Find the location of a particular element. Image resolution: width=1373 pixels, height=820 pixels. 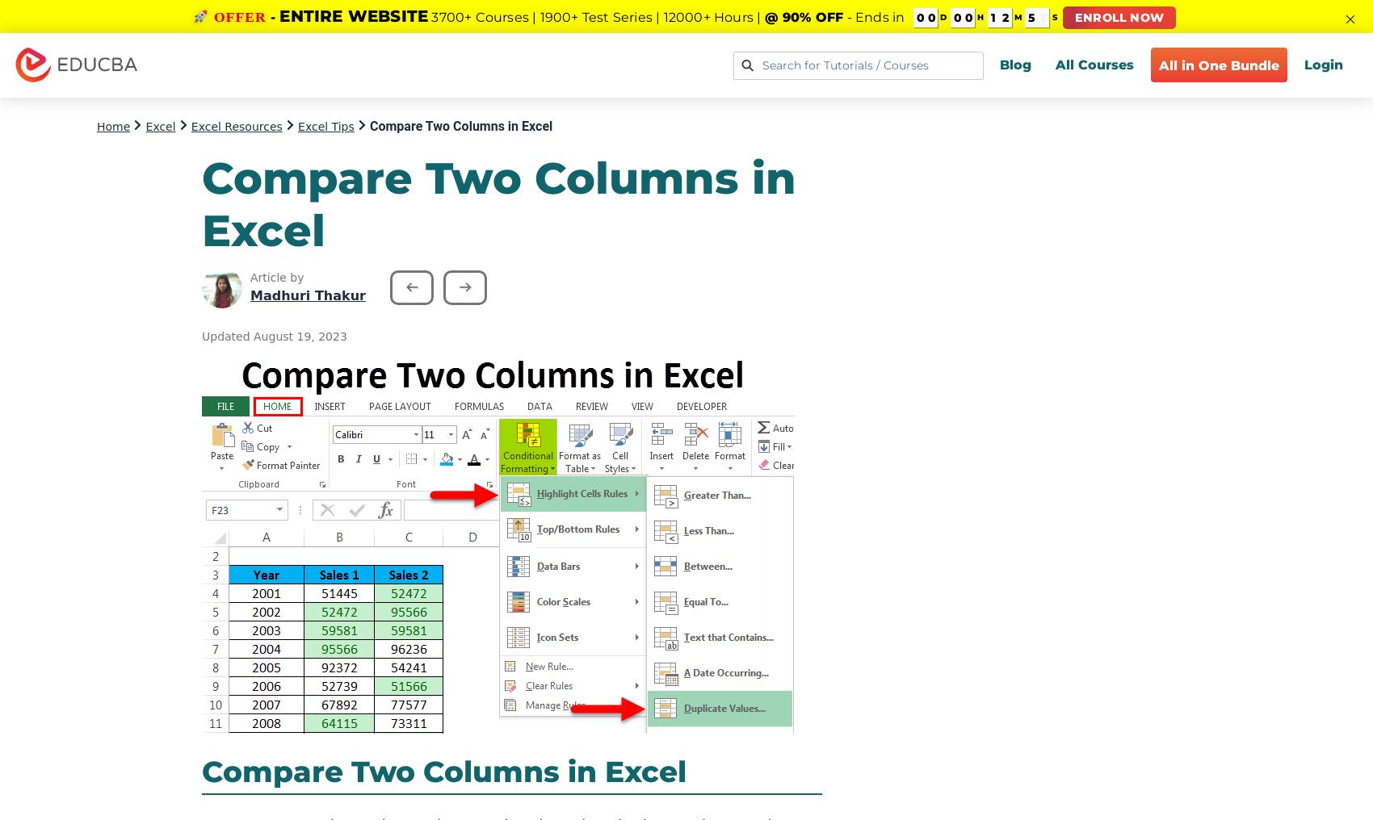

'2' is located at coordinates (1002, 17).